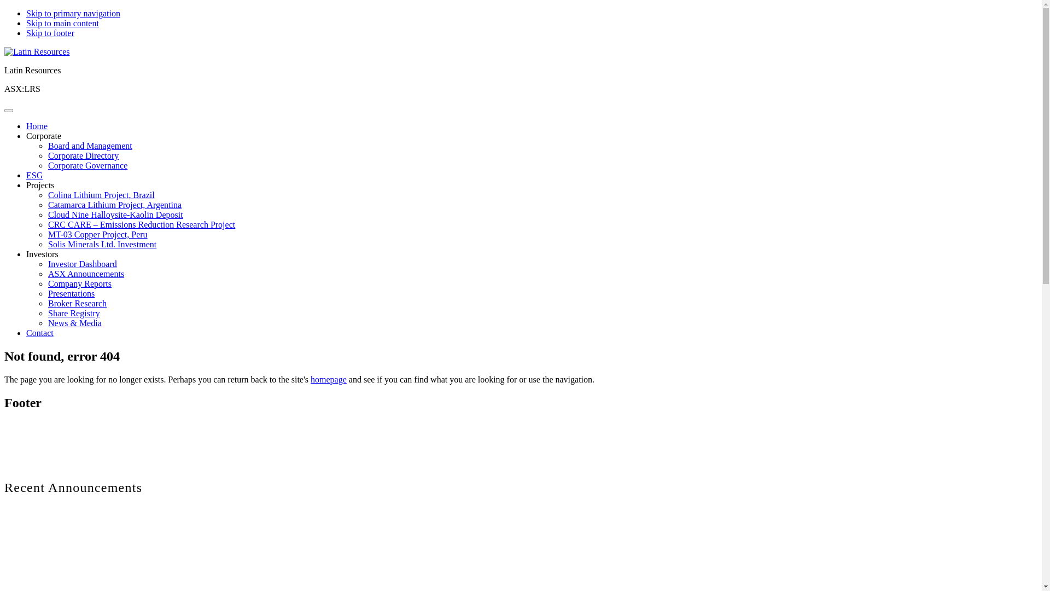 Image resolution: width=1050 pixels, height=591 pixels. Describe the element at coordinates (47, 313) in the screenshot. I see `'Share Registry'` at that location.